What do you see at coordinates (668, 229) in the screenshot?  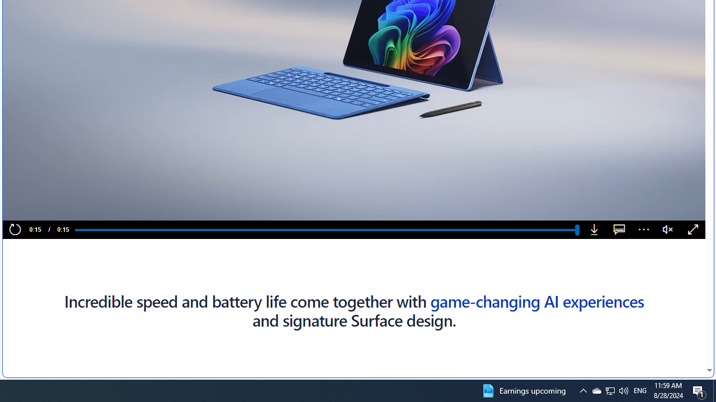 I see `'Unmute'` at bounding box center [668, 229].